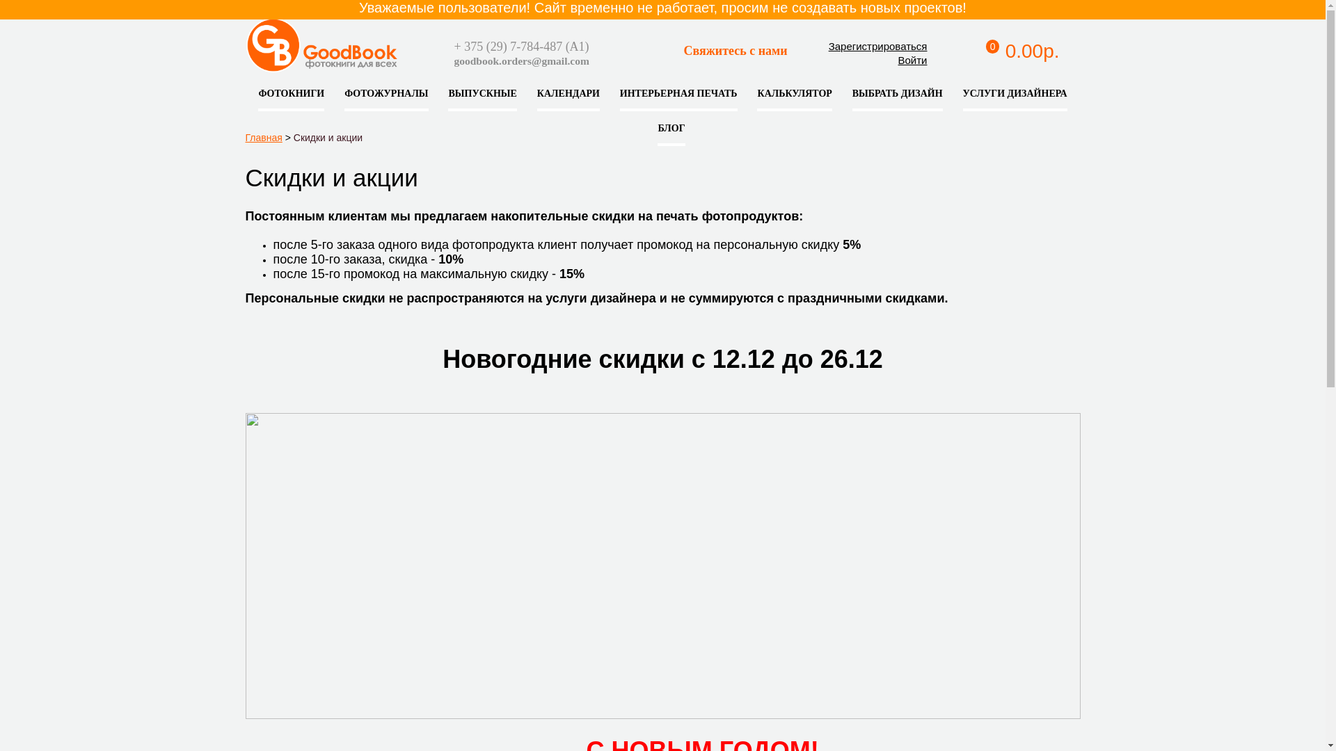  What do you see at coordinates (520, 60) in the screenshot?
I see `'goodbook.orders@gmail.com'` at bounding box center [520, 60].